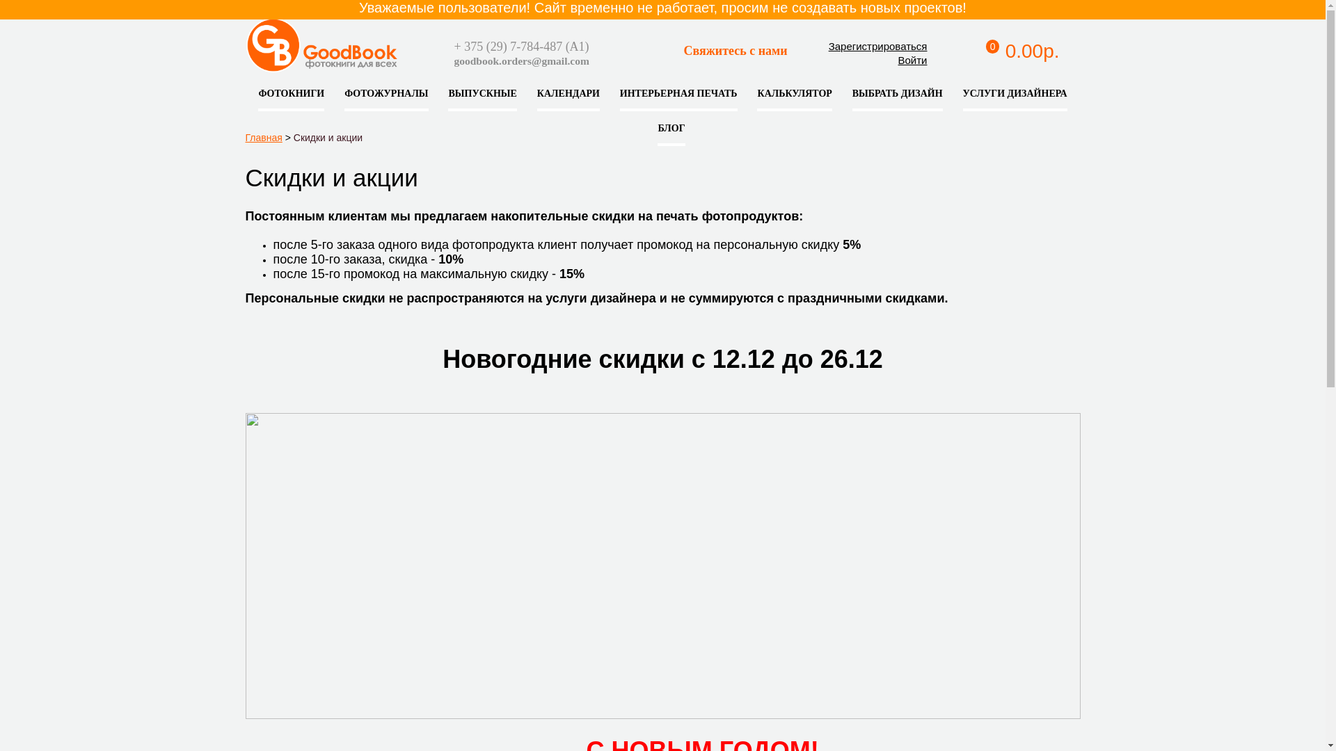  What do you see at coordinates (520, 60) in the screenshot?
I see `'goodbook.orders@gmail.com'` at bounding box center [520, 60].